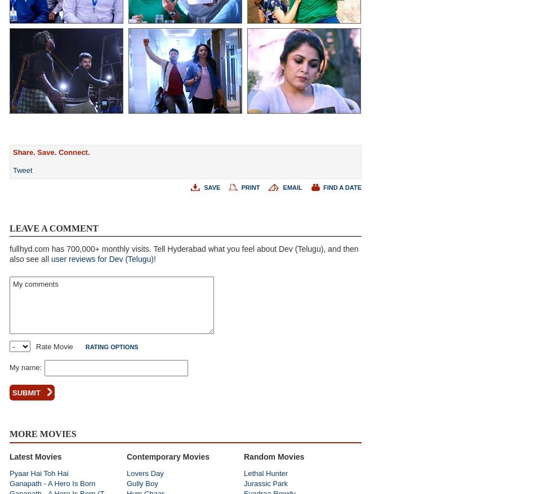 The width and height of the screenshot is (552, 494). What do you see at coordinates (127, 456) in the screenshot?
I see `'Contemporary Movies'` at bounding box center [127, 456].